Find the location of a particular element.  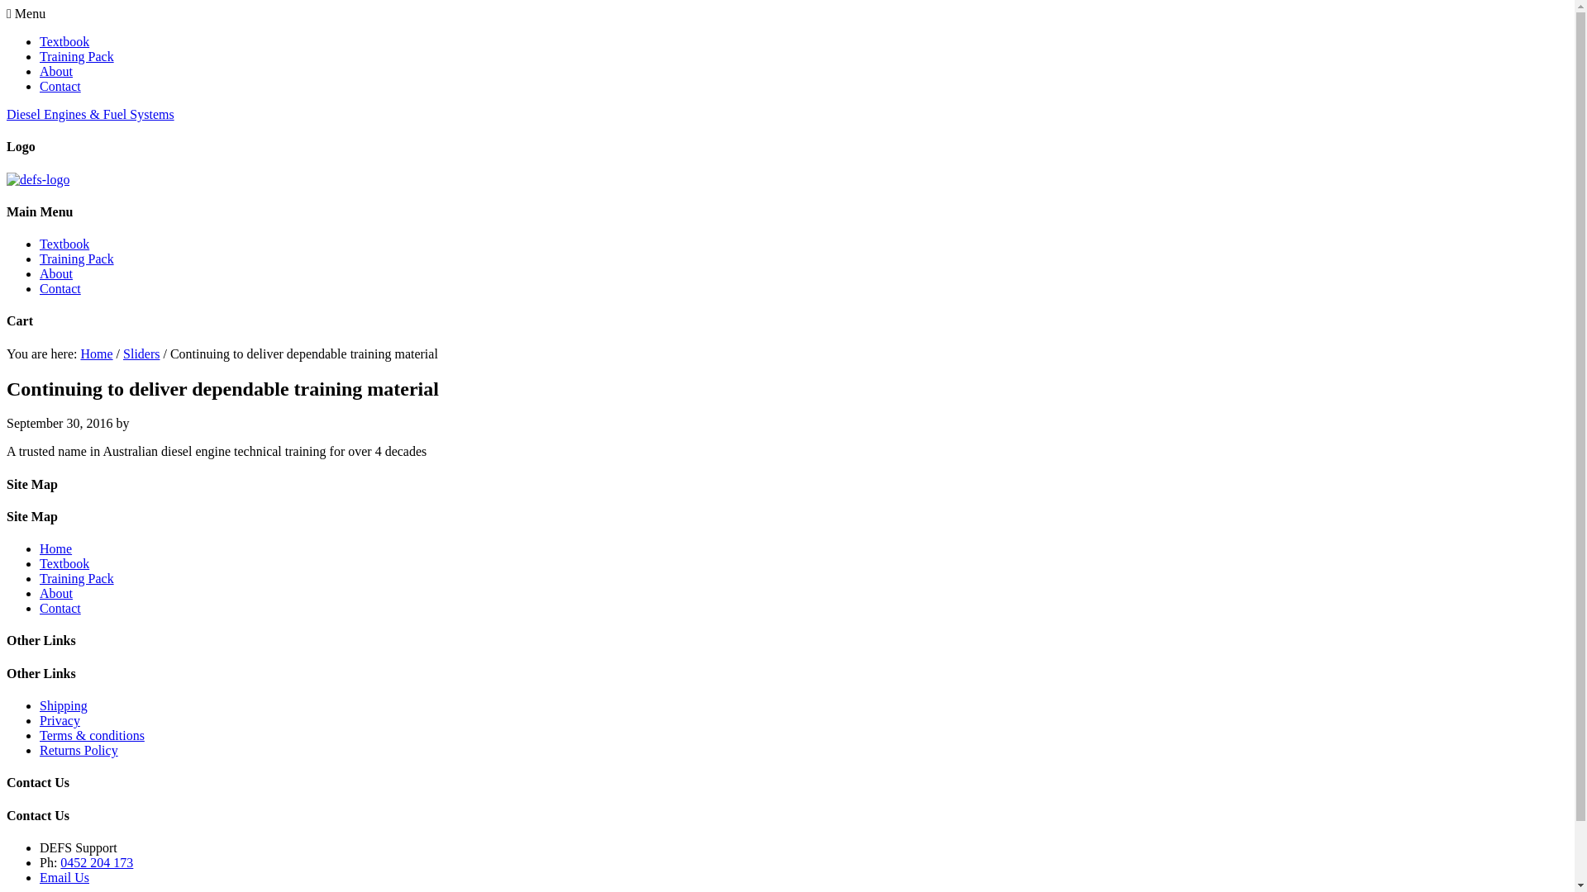

'Home' is located at coordinates (55, 548).